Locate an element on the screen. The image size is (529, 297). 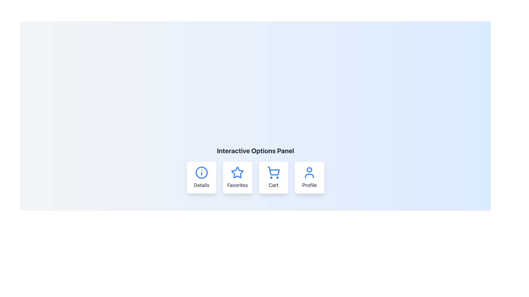
'Profile' text label, which is styled with a medium-sized gray font and centered below a user silhouette icon in the profile section of the horizontal options panel is located at coordinates (309, 185).